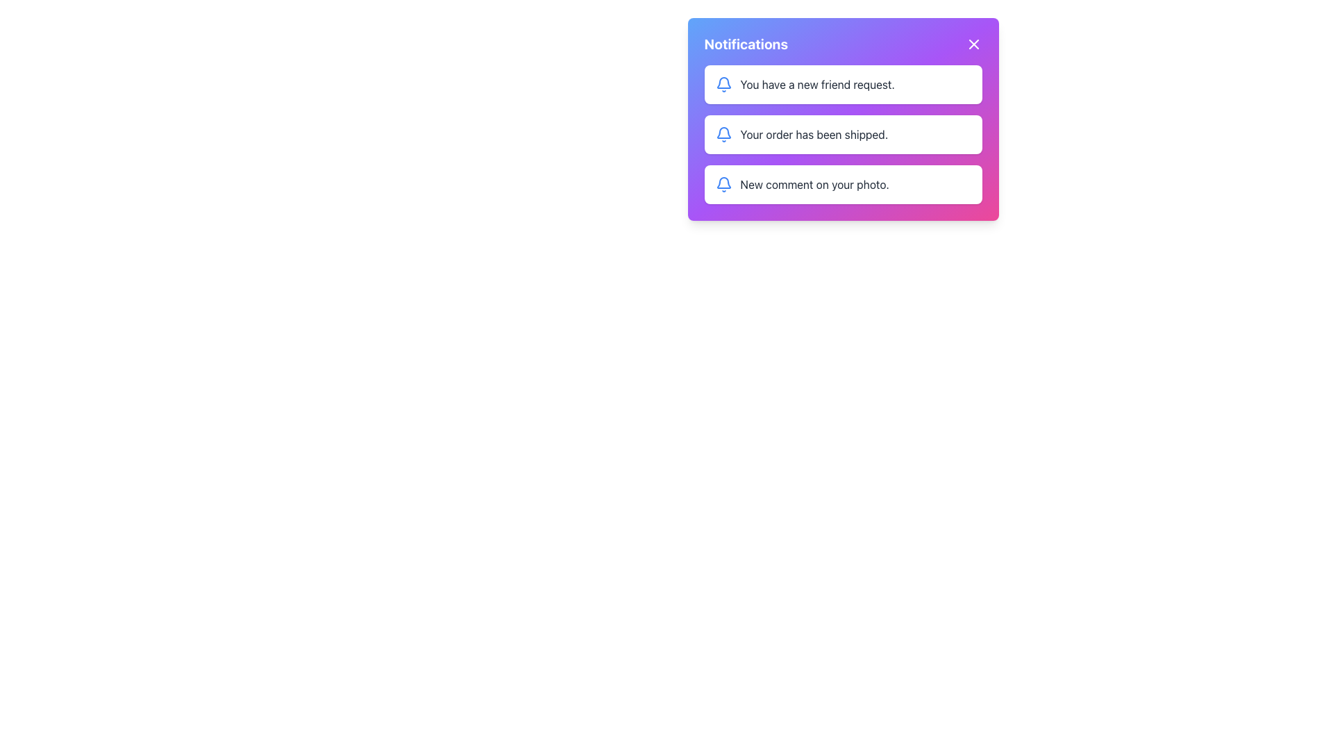 Image resolution: width=1333 pixels, height=750 pixels. Describe the element at coordinates (723, 184) in the screenshot. I see `the alert icon located in the third notification card indicating a new comment on your photo` at that location.